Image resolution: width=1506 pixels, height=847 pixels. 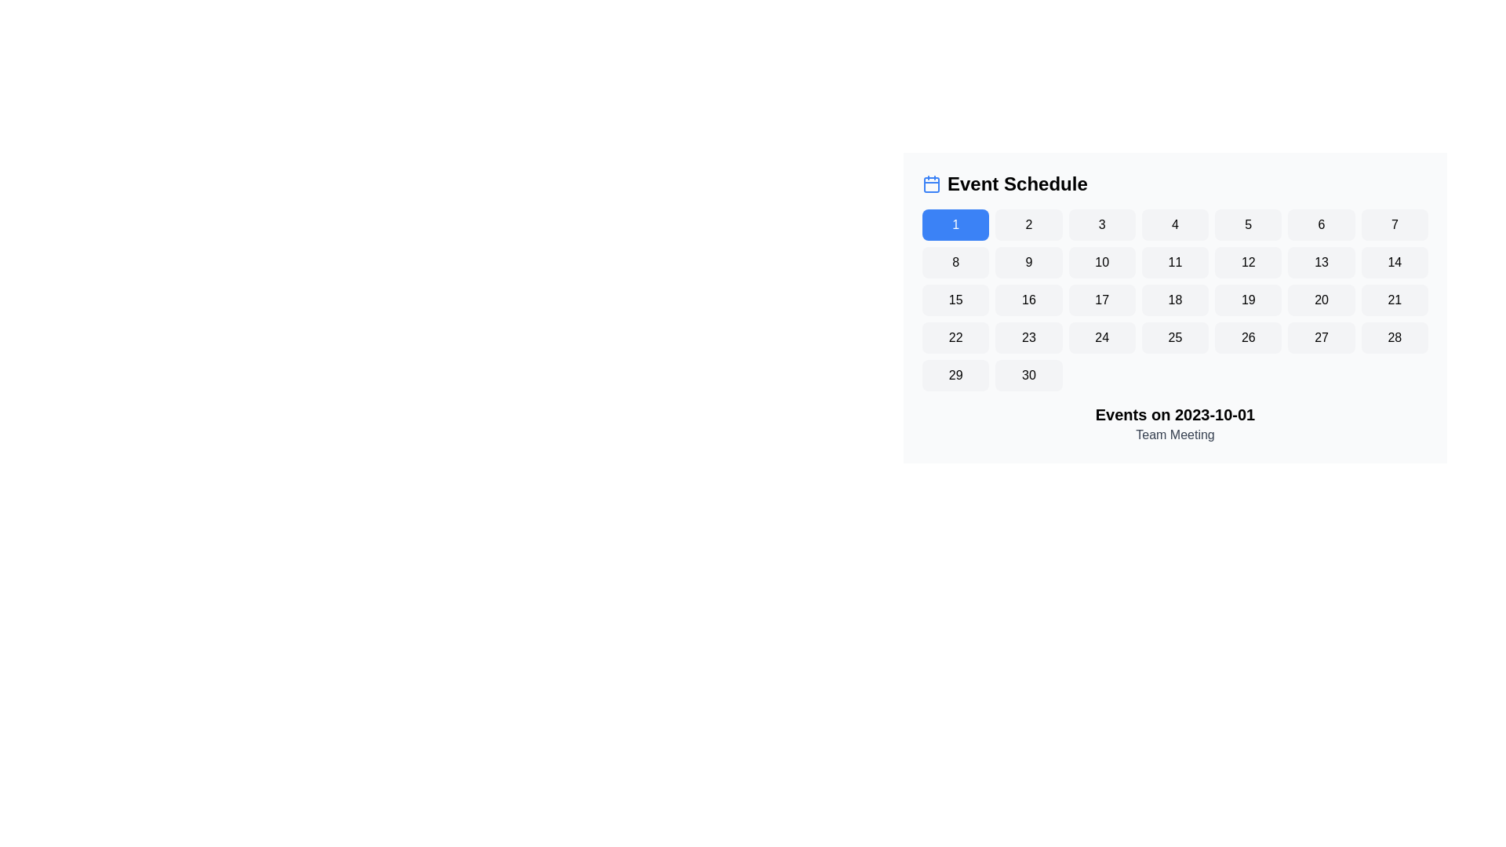 What do you see at coordinates (955, 300) in the screenshot?
I see `the button labeled '15' in the third row of the fifth column of the calendar grid` at bounding box center [955, 300].